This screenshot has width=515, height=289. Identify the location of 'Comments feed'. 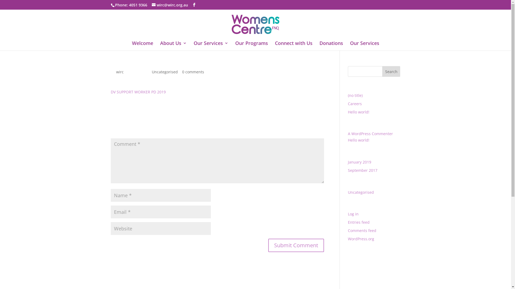
(362, 230).